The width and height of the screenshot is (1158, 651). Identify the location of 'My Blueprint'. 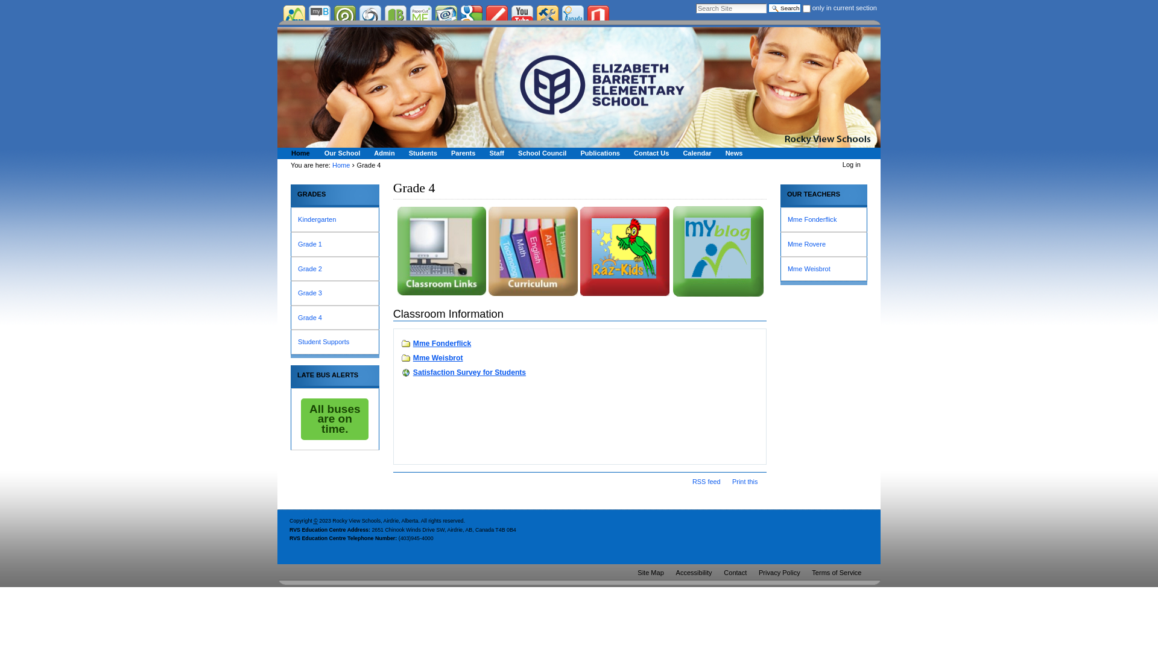
(319, 16).